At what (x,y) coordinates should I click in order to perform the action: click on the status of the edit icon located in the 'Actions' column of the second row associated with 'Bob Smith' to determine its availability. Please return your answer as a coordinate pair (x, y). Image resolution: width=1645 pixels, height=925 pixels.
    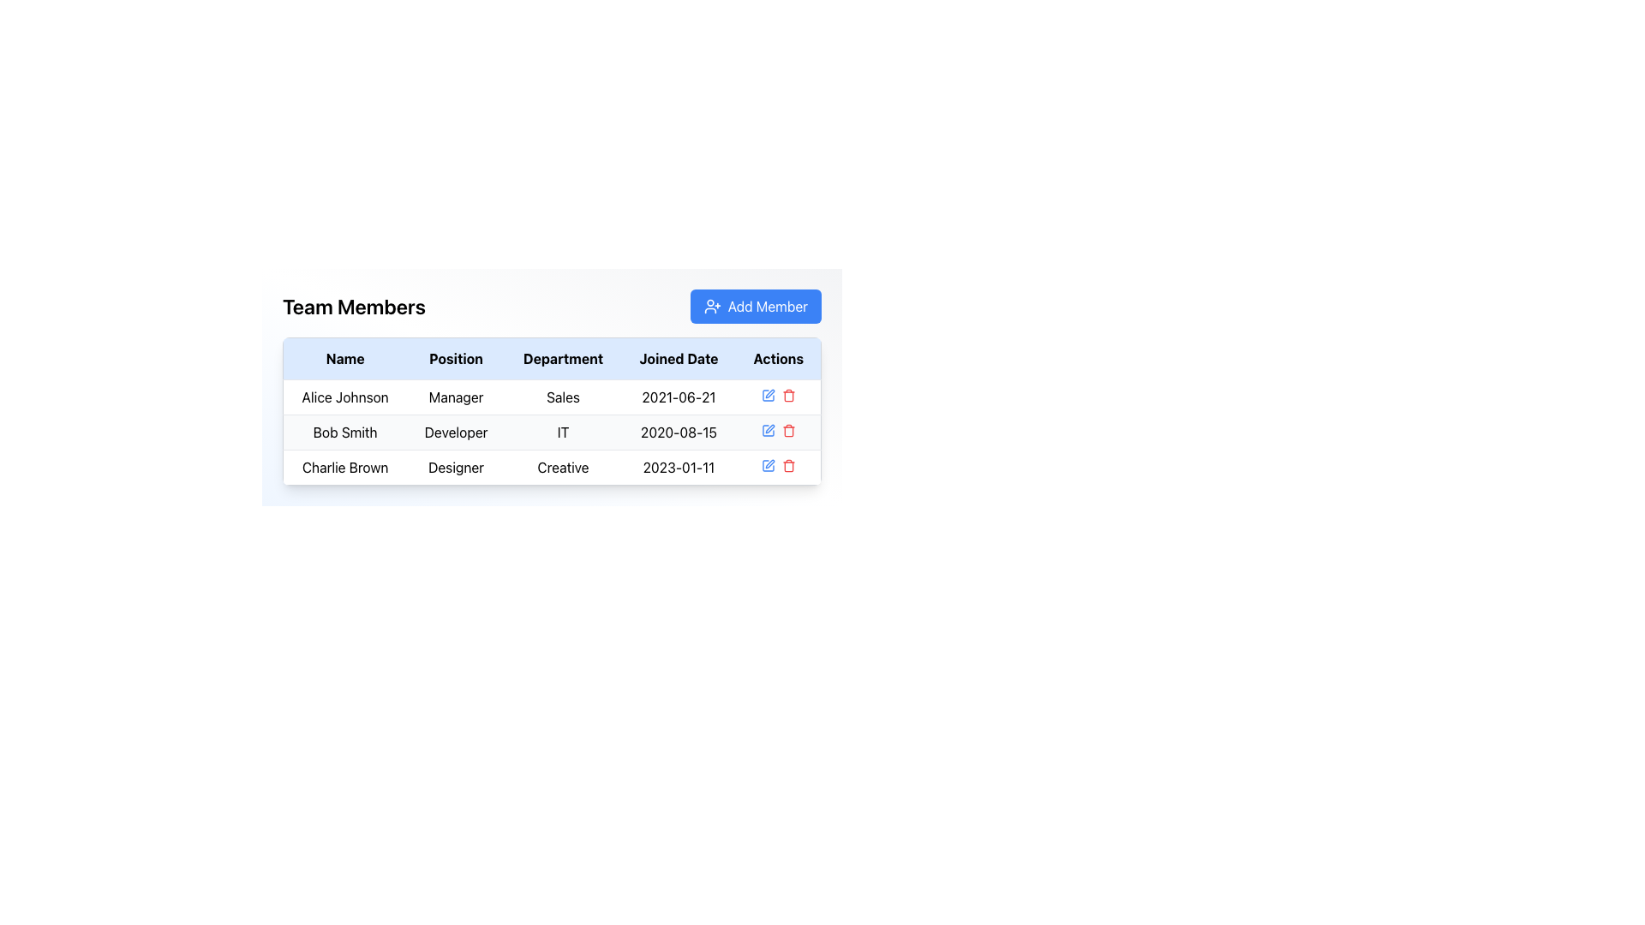
    Looking at the image, I should click on (769, 428).